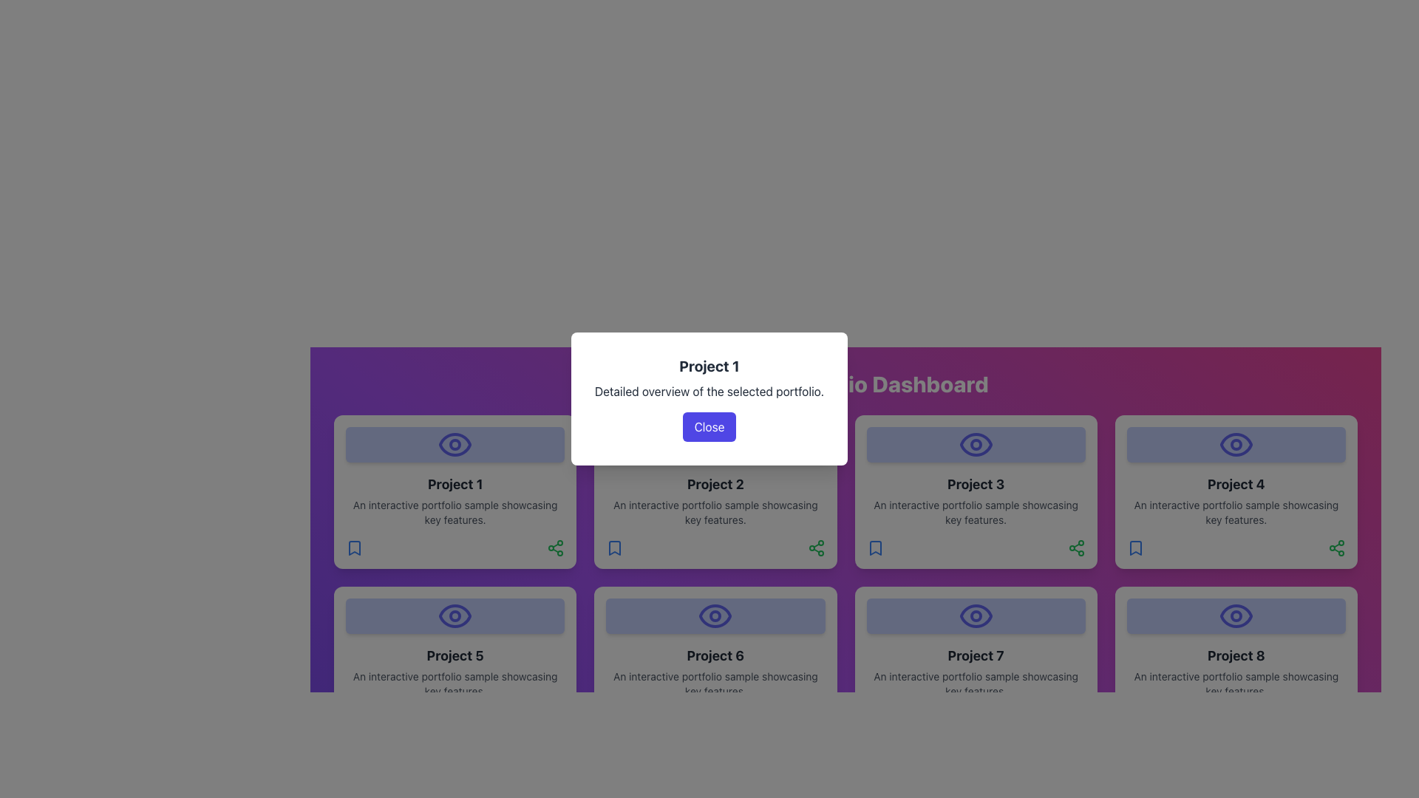 This screenshot has height=798, width=1419. I want to click on the 'Project 1' card, which is the first card in a grid layout of project cards, located in the top-left corner of the grid, so click(454, 492).